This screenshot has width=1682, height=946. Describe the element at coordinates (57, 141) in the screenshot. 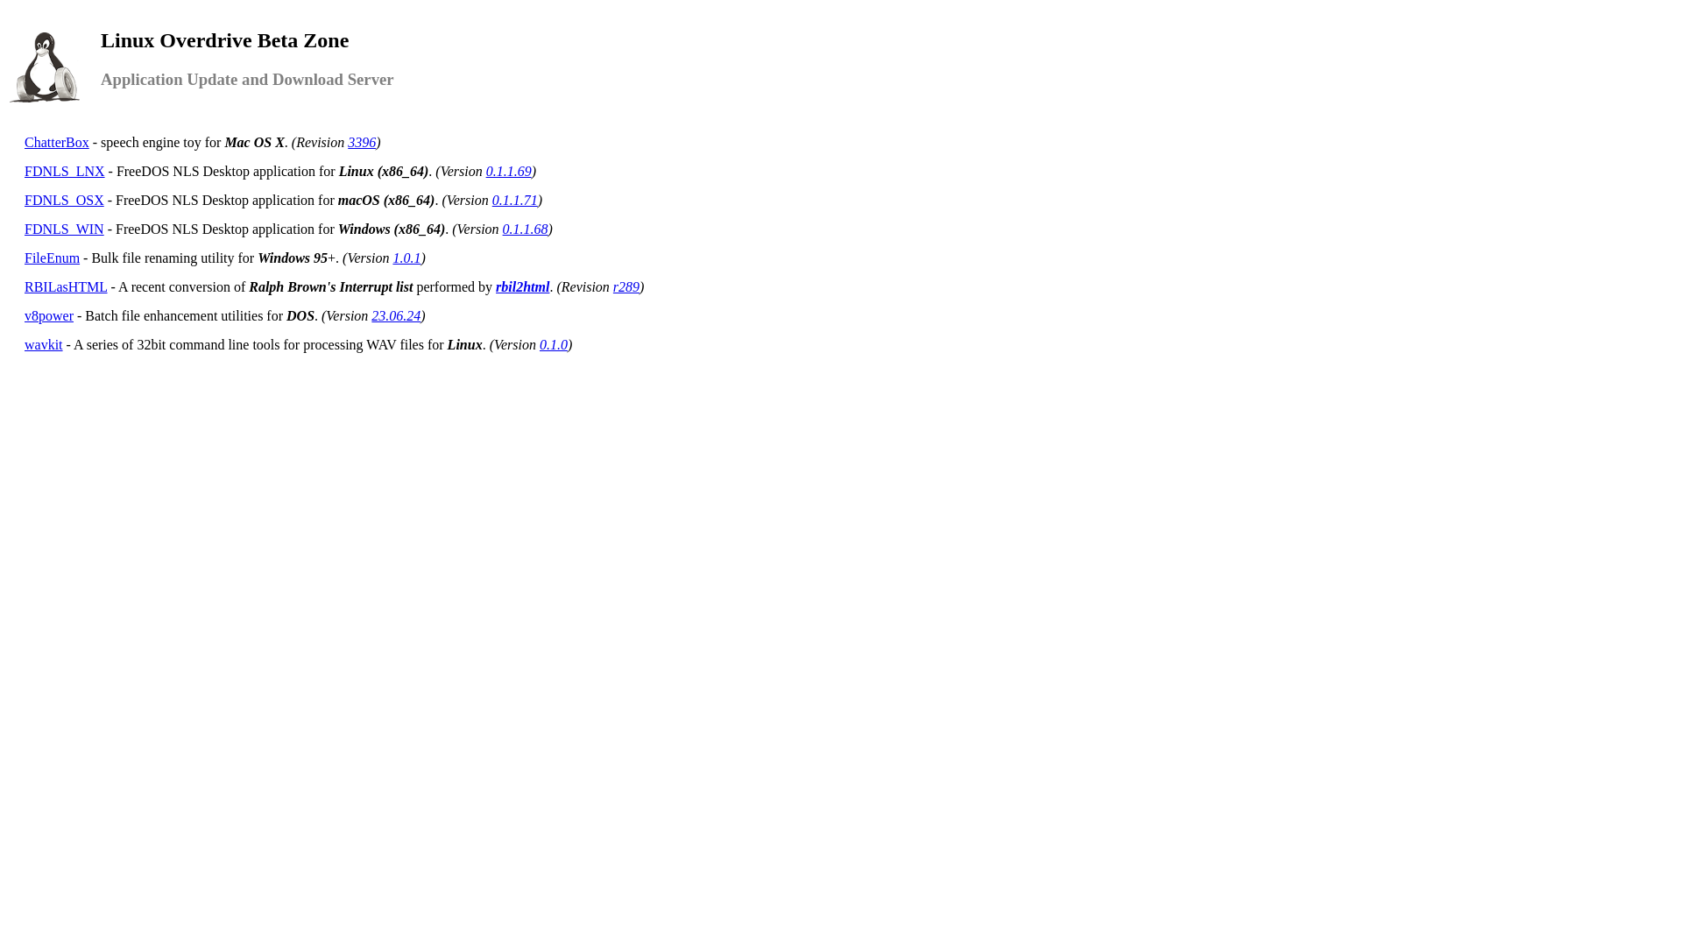

I see `'ChatterBox'` at that location.